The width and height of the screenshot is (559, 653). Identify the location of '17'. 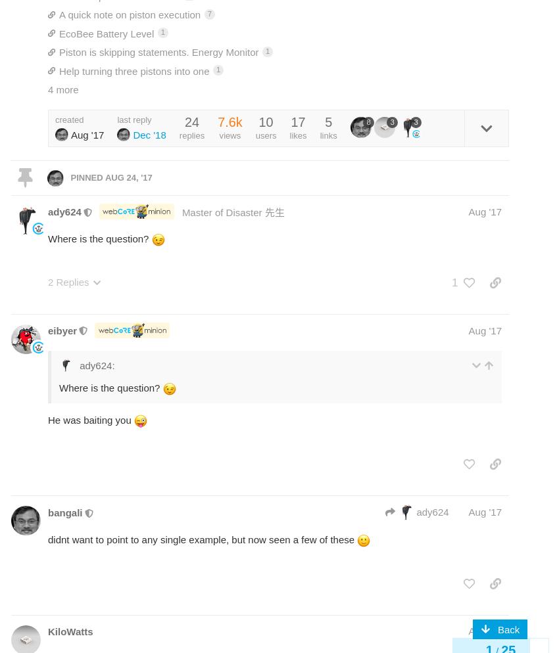
(297, 121).